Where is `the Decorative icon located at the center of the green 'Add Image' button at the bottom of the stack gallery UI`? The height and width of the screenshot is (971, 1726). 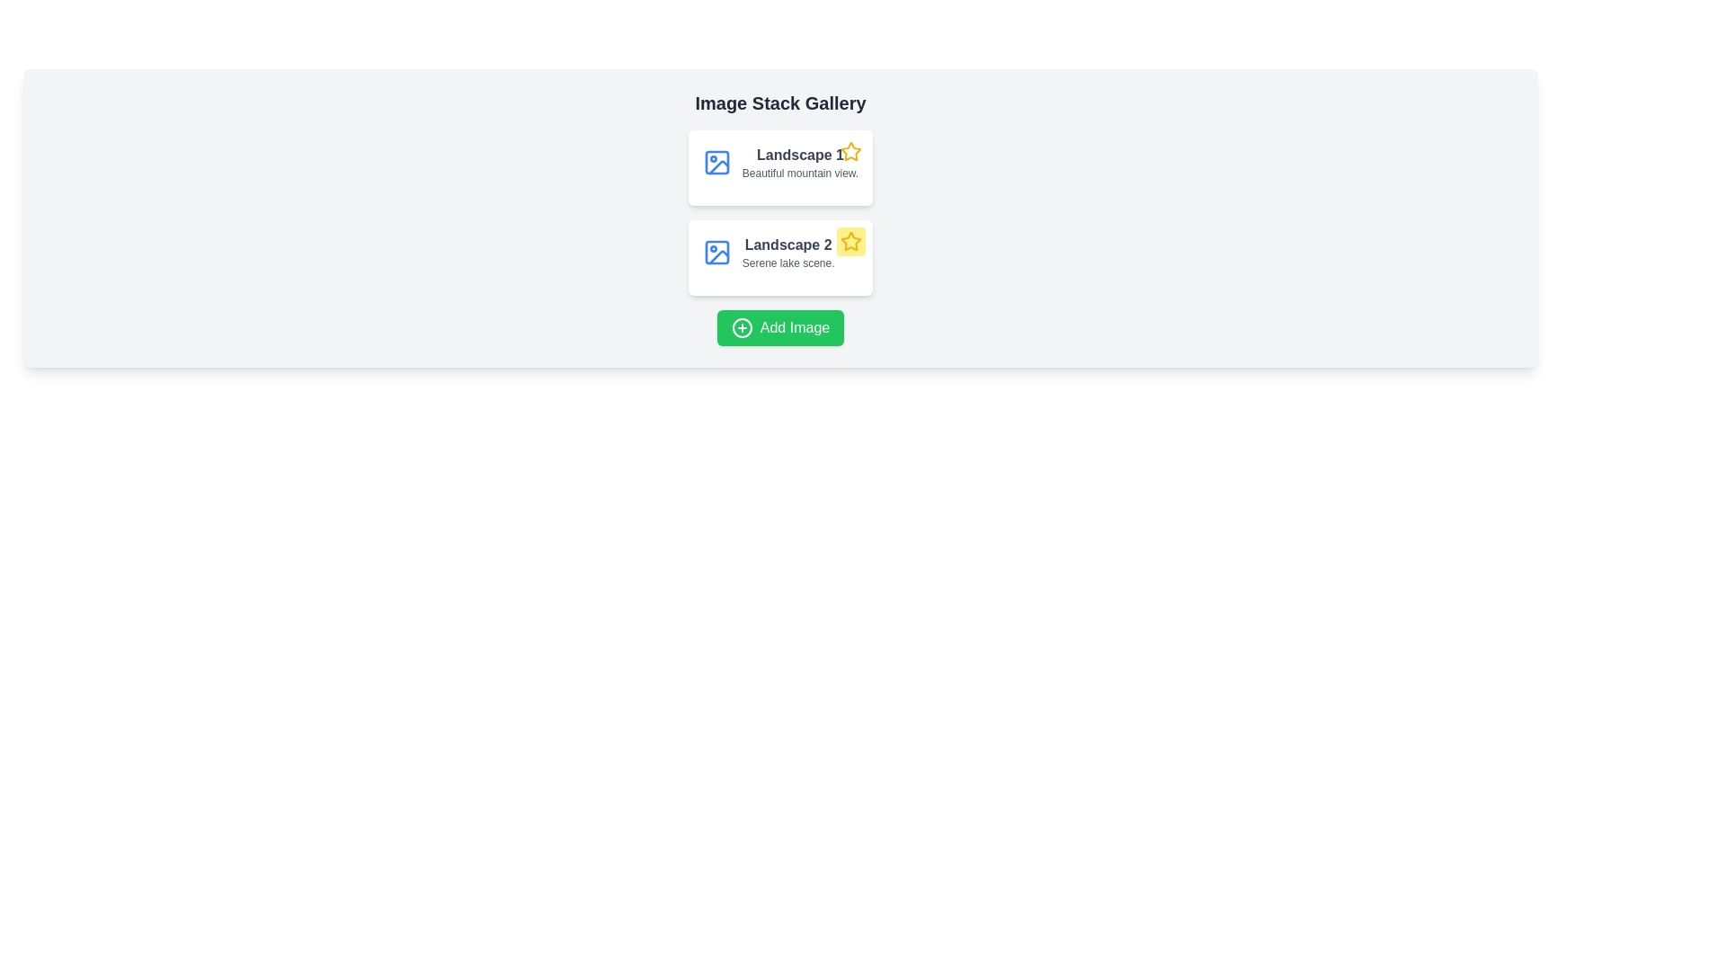 the Decorative icon located at the center of the green 'Add Image' button at the bottom of the stack gallery UI is located at coordinates (742, 328).